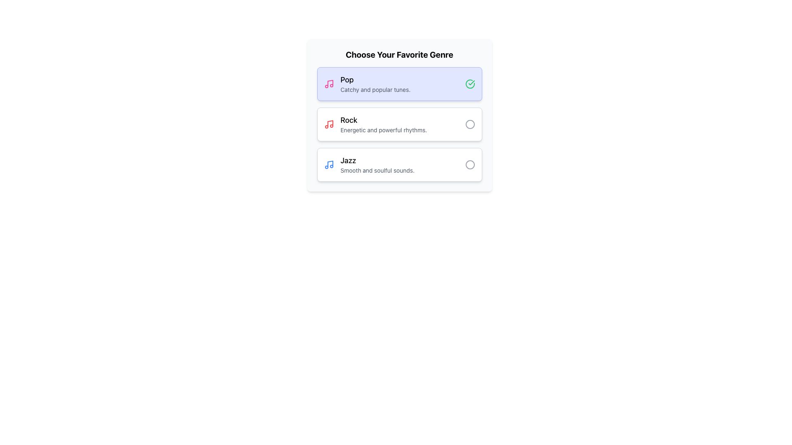 This screenshot has width=792, height=445. I want to click on the Graphic Indicator representing the 'Rock' segment in the vertical list, located towards the right side of the segment, so click(470, 124).